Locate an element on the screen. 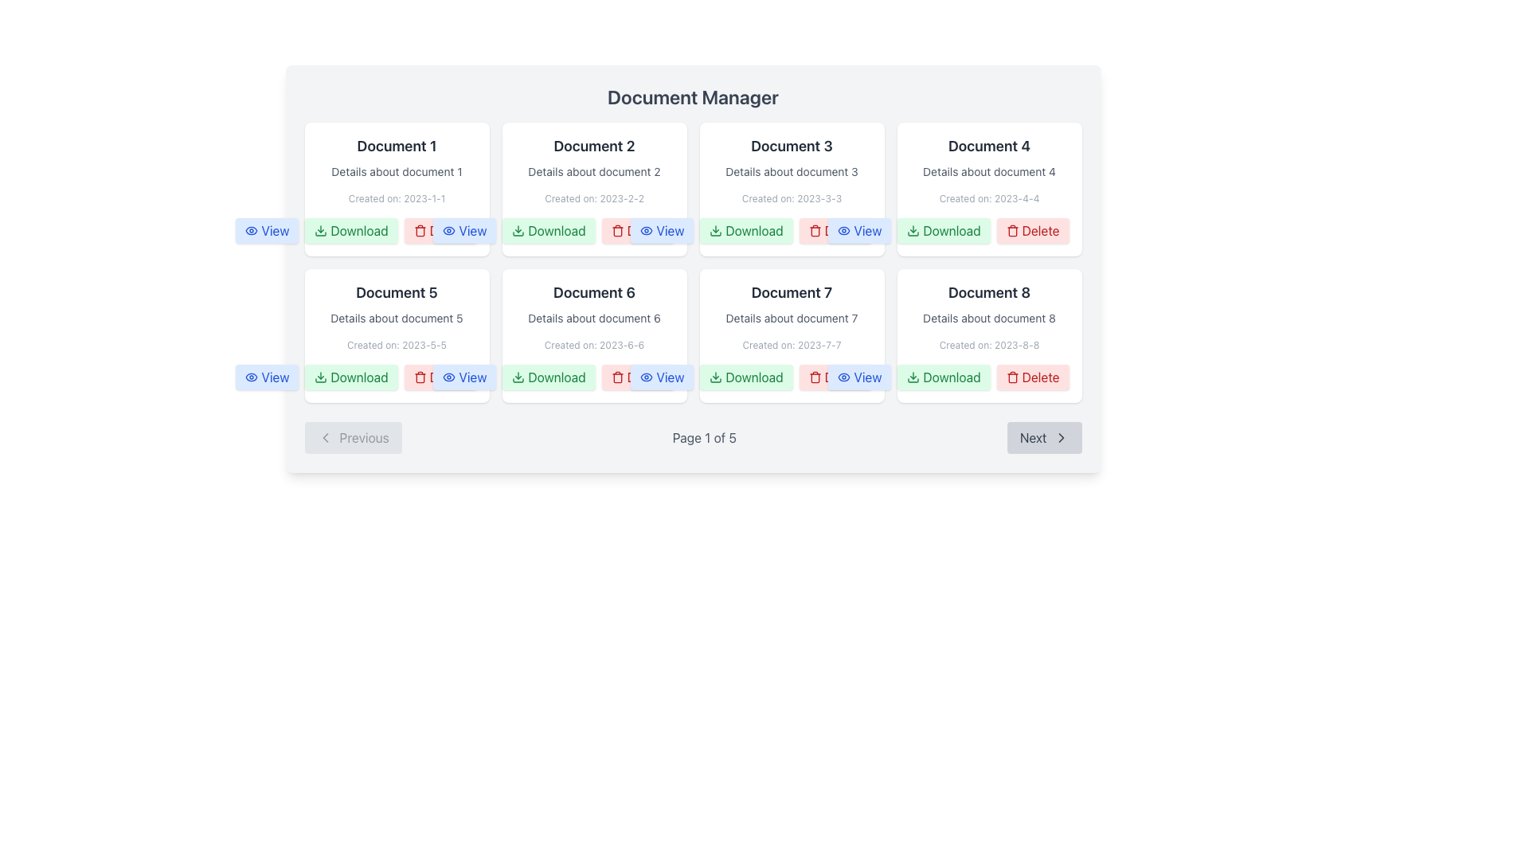  the green 'Download' icon for 'Document 2' located in the top row, second column of the grid is located at coordinates (518, 230).